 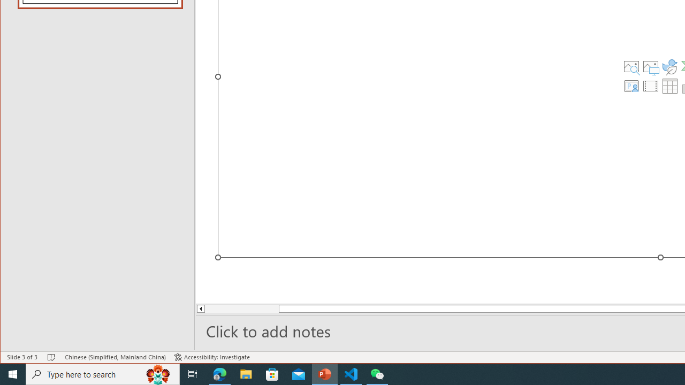 What do you see at coordinates (324, 373) in the screenshot?
I see `'PowerPoint - 1 running window'` at bounding box center [324, 373].